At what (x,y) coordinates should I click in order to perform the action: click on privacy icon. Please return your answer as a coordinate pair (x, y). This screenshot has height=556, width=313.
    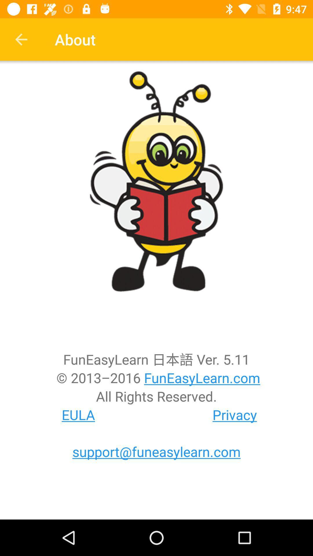
    Looking at the image, I should click on (235, 414).